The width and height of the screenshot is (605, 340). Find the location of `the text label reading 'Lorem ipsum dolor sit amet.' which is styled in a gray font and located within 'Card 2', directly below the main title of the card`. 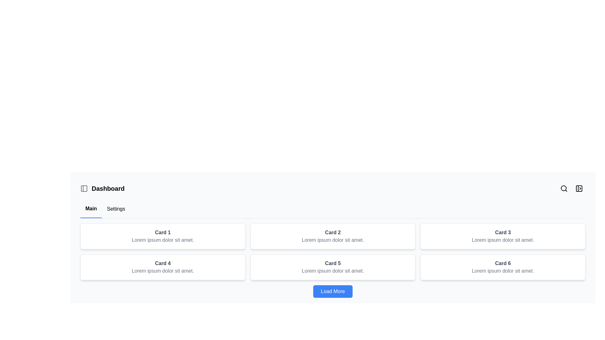

the text label reading 'Lorem ipsum dolor sit amet.' which is styled in a gray font and located within 'Card 2', directly below the main title of the card is located at coordinates (332, 240).